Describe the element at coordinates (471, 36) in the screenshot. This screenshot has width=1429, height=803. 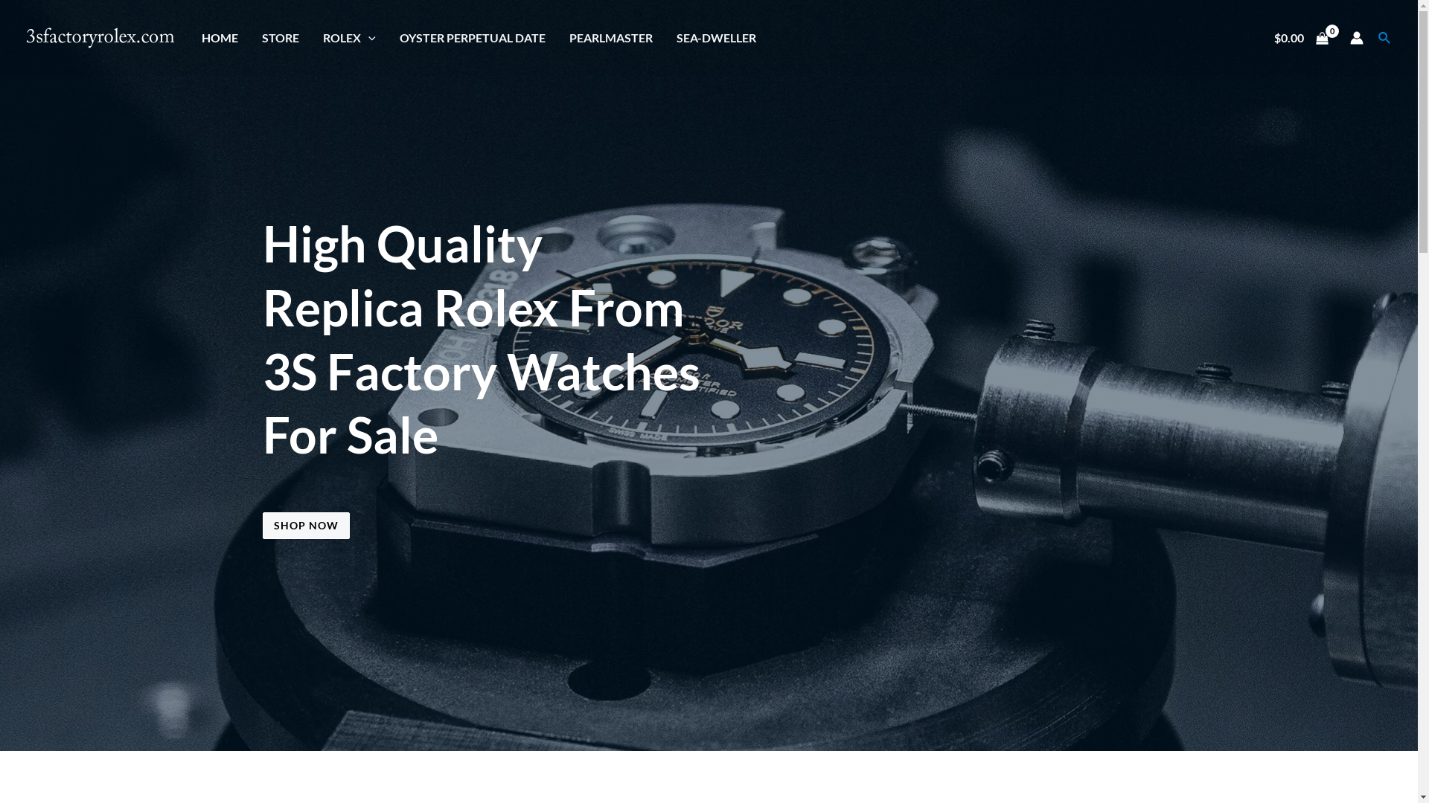
I see `'OYSTER PERPETUAL DATE'` at that location.